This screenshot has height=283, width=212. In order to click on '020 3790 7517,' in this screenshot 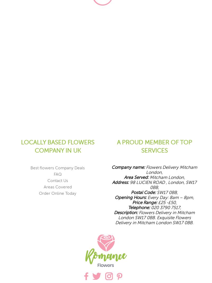, I will do `click(165, 207)`.